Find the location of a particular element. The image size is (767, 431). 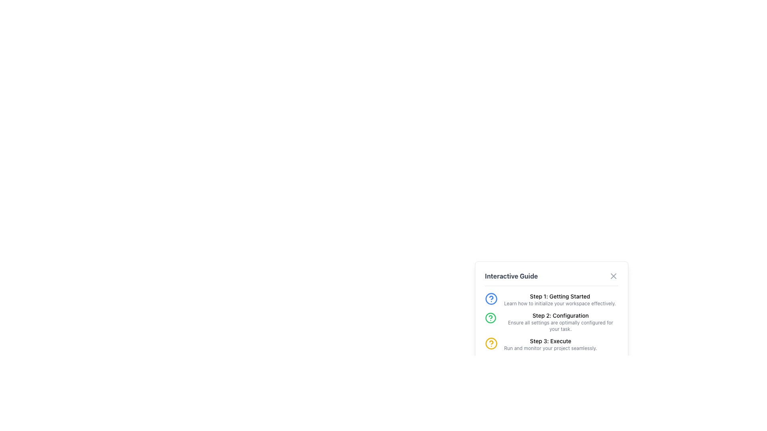

the instructional text block labeled 'Step 2: Configuration' in the 'Interactive Guide' section is located at coordinates (560, 321).